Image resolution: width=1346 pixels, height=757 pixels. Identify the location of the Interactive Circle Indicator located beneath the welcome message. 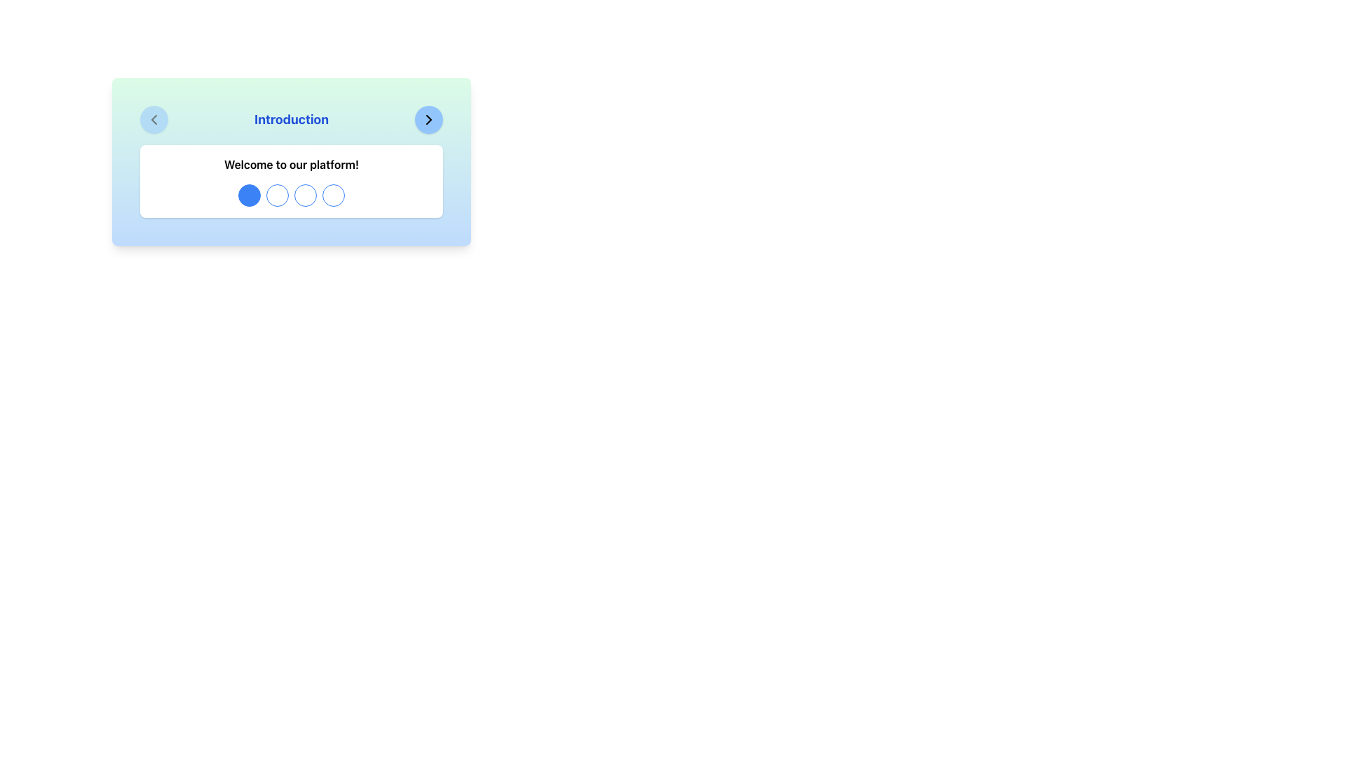
(291, 202).